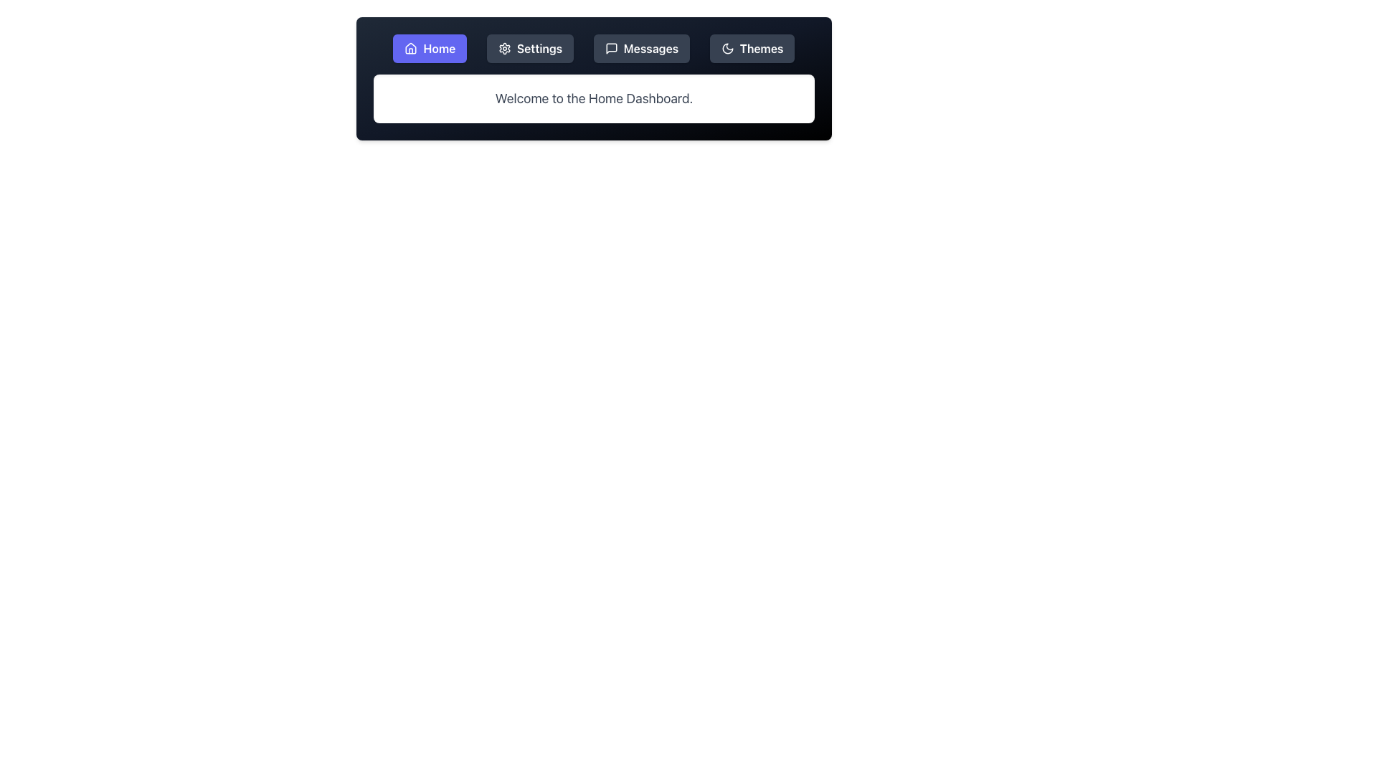 The height and width of the screenshot is (774, 1377). Describe the element at coordinates (727, 48) in the screenshot. I see `the crescent moon icon located to the left of the 'Themes' label in the top-right navigation bar` at that location.